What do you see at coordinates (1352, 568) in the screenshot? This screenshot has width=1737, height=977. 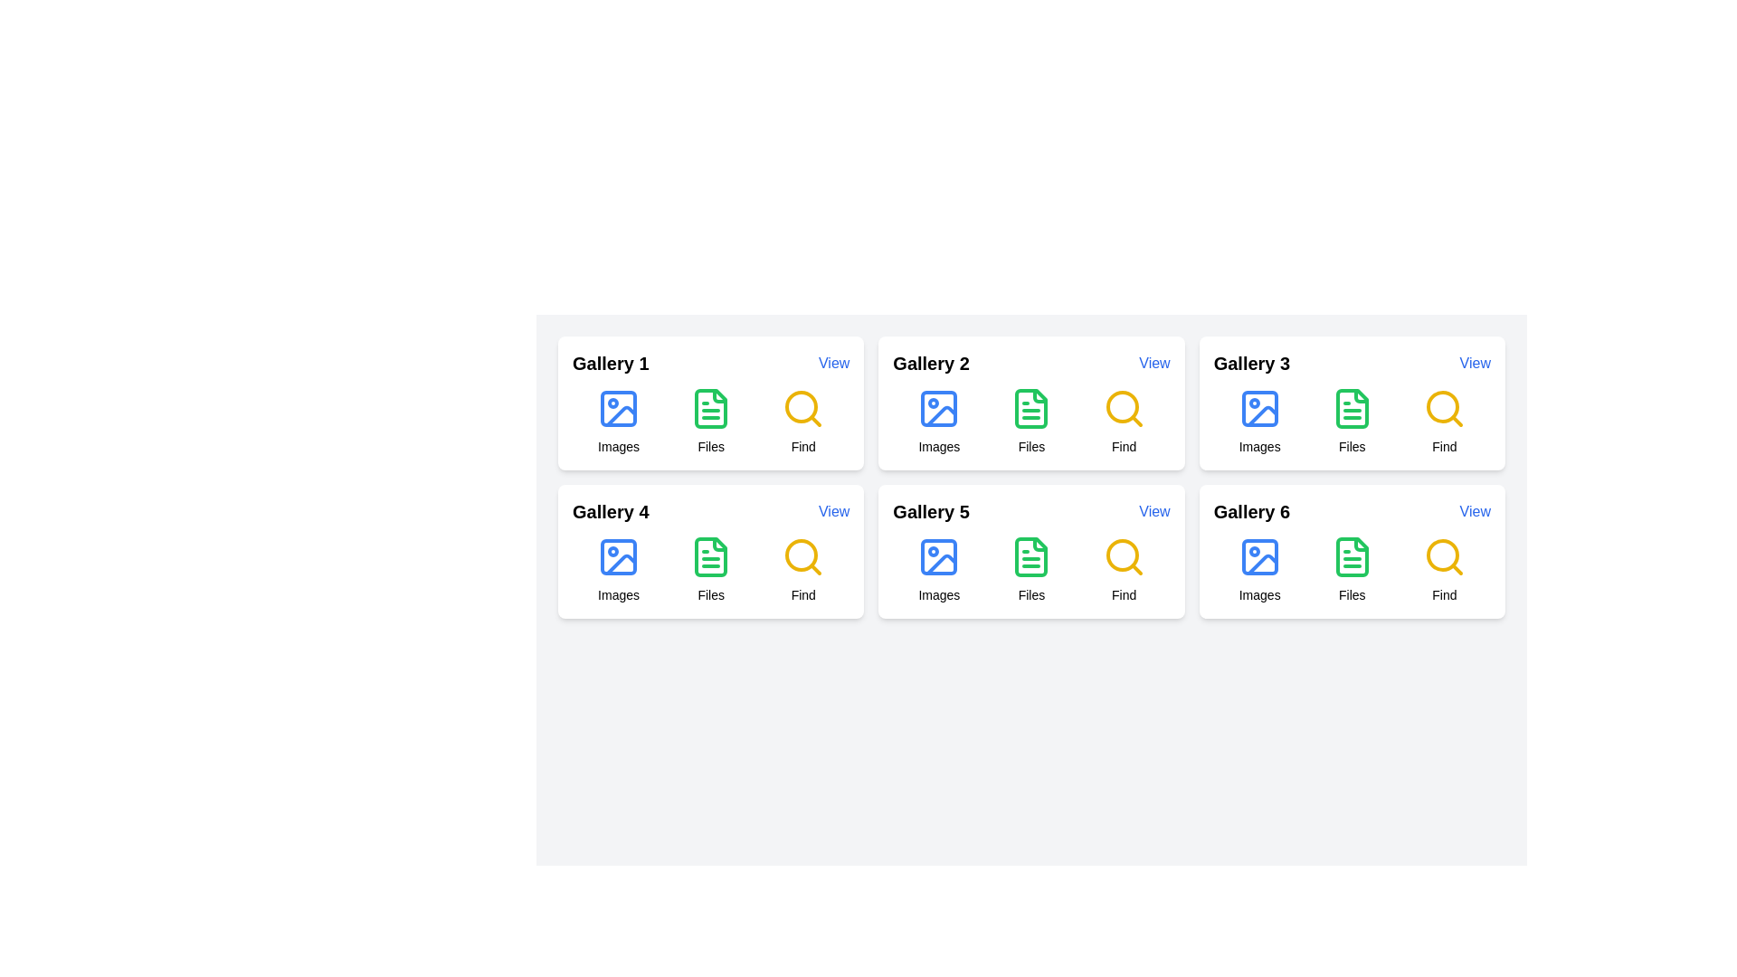 I see `the green file icon labeled 'Files' located in the bottom row of the grid within the 'Gallery 6' section` at bounding box center [1352, 568].